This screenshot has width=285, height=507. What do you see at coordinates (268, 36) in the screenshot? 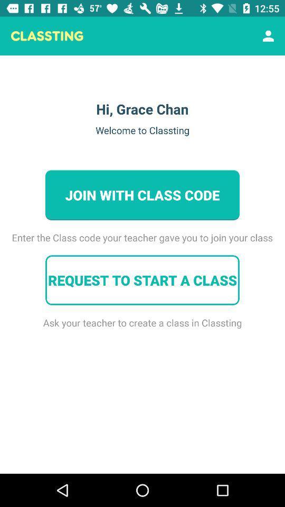
I see `icon at the top right corner` at bounding box center [268, 36].